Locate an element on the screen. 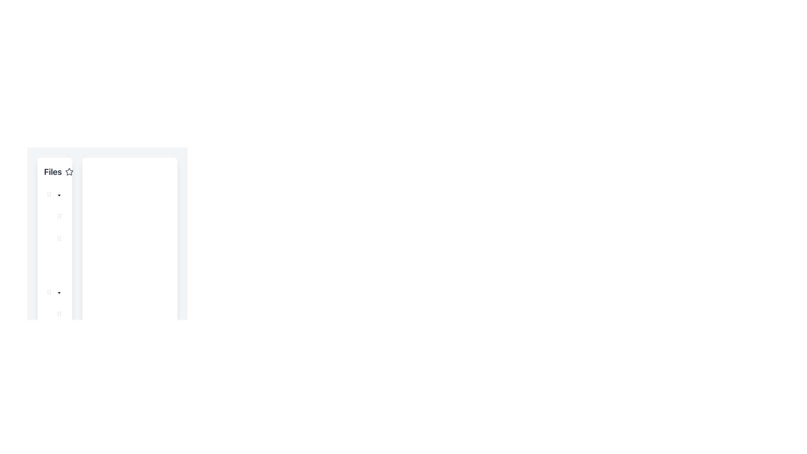 This screenshot has height=454, width=807. the vertical indentation marker located alongside the left edge of the 'Meeting Notes' entry in the hierarchical tree structure is located at coordinates (48, 248).